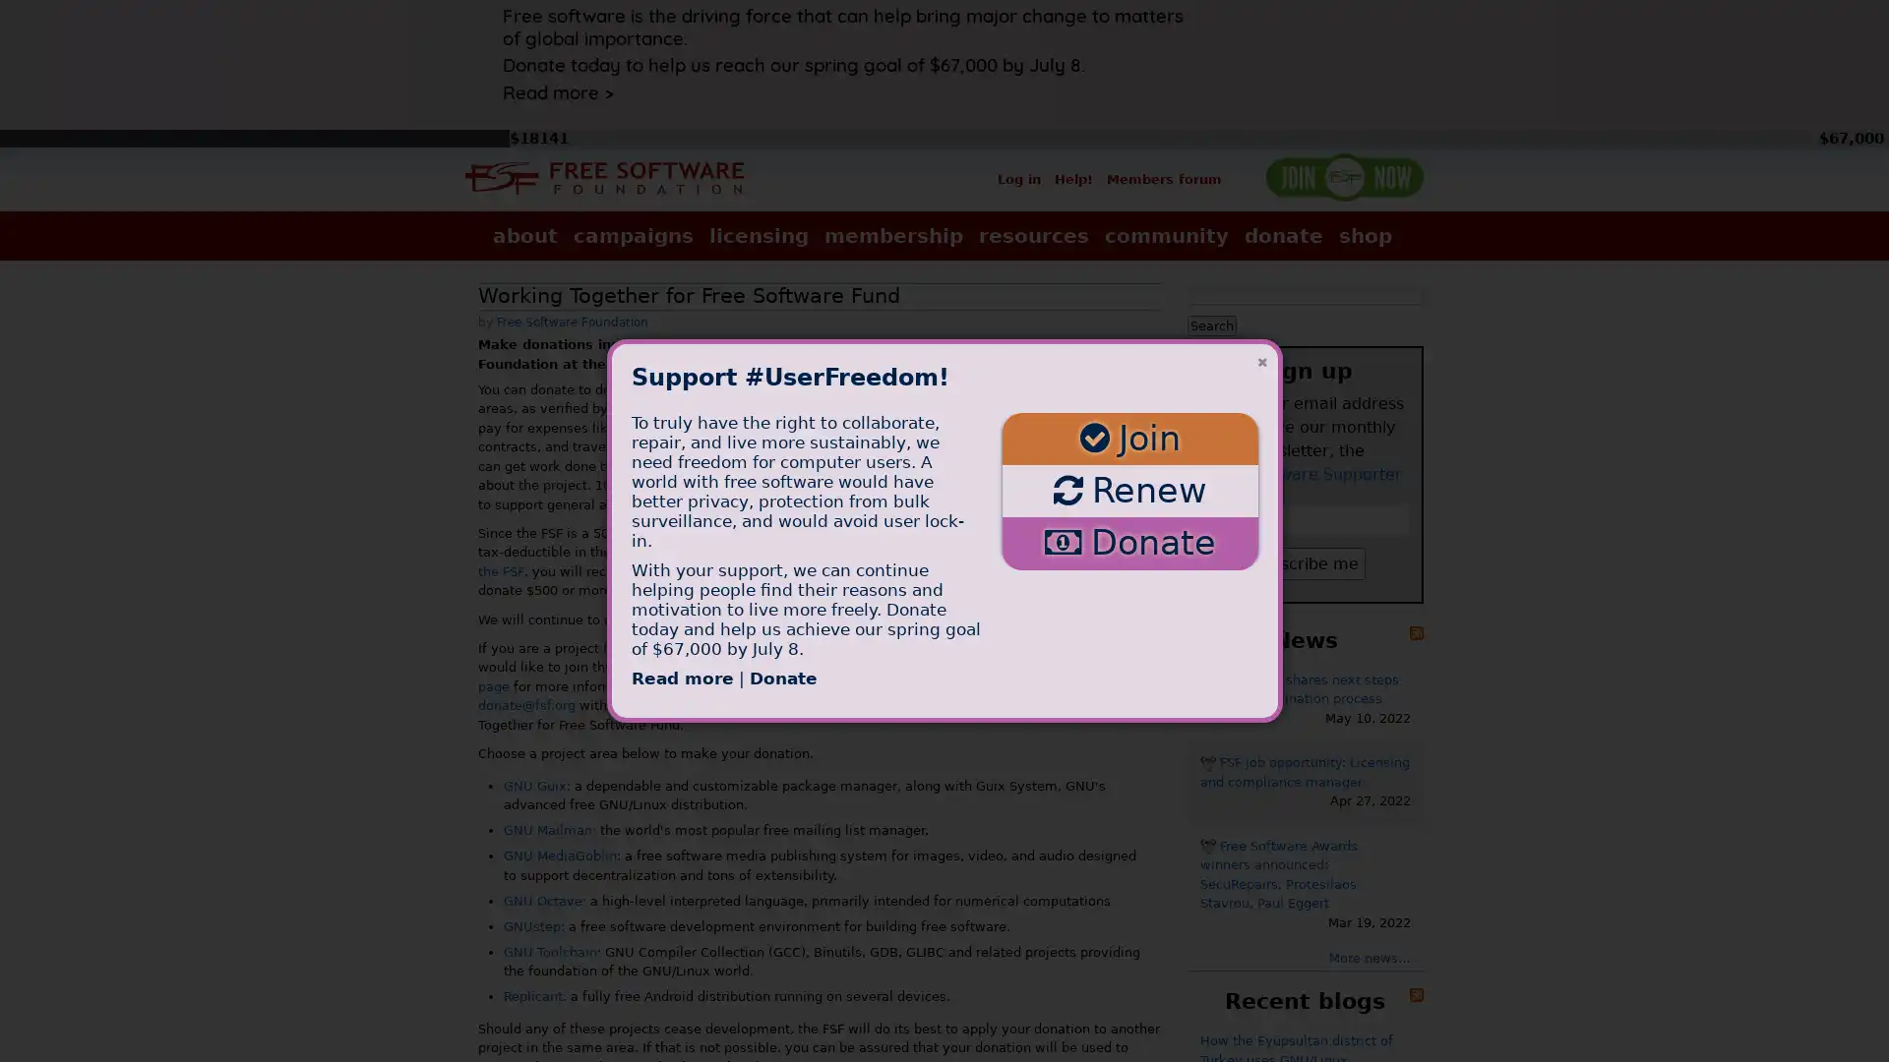  Describe the element at coordinates (1211, 324) in the screenshot. I see `Search` at that location.